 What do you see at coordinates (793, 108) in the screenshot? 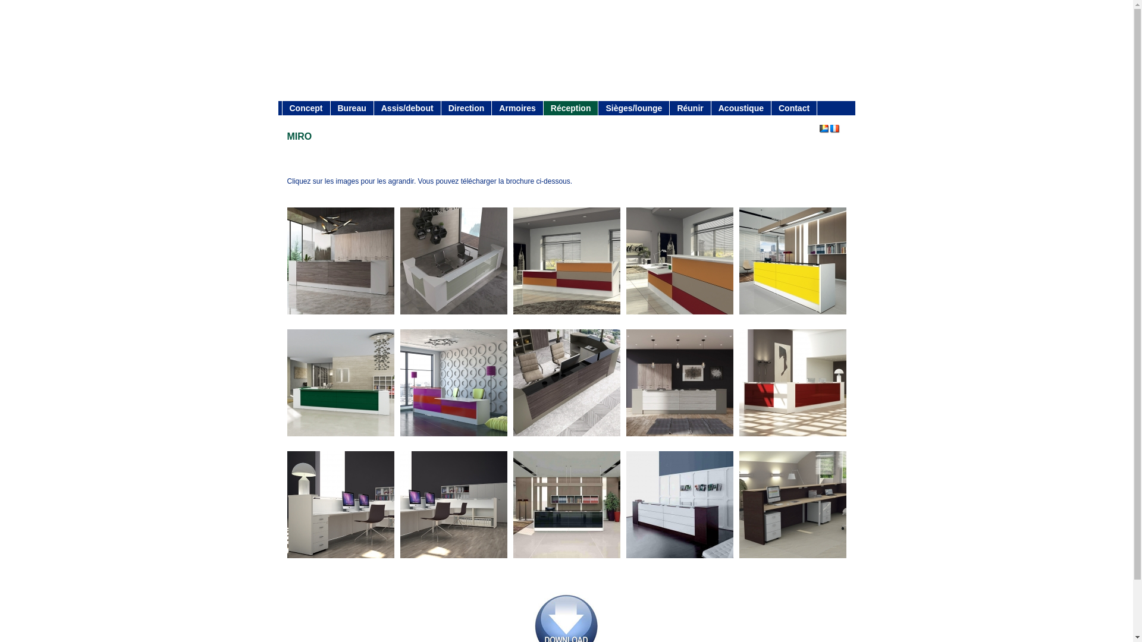
I see `'Contact'` at bounding box center [793, 108].